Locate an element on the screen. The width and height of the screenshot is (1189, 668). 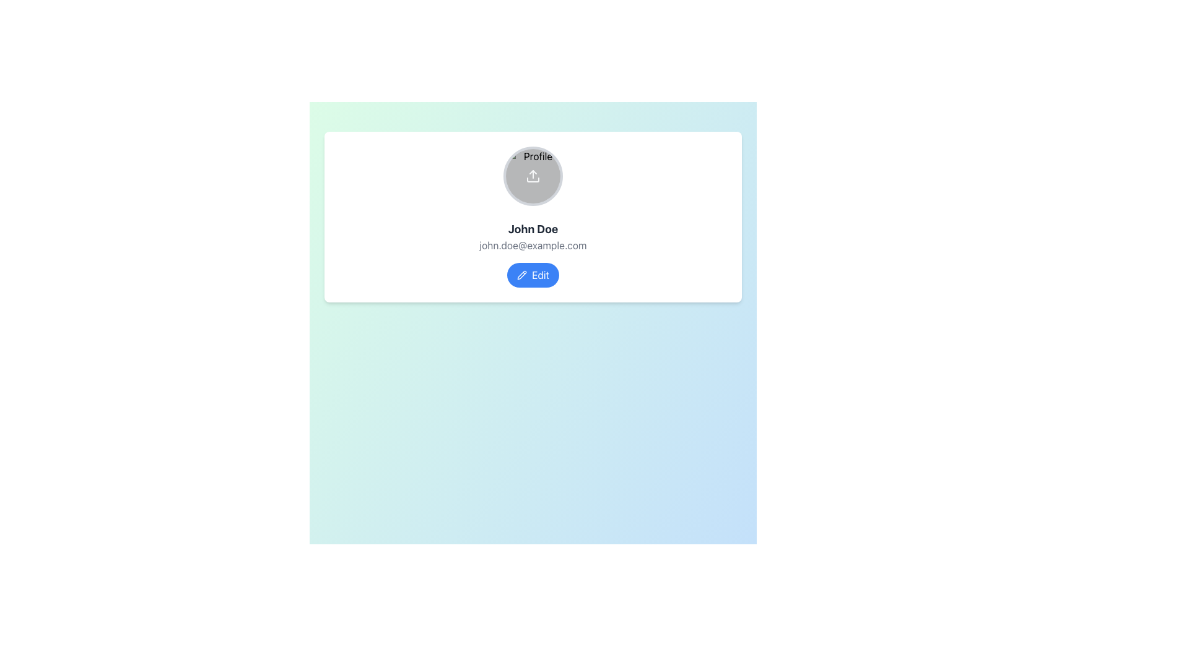
the profile image placeholder to upload a photo, which is located centrally above the name 'John Doe' and email 'john.doe@example.com' is located at coordinates (533, 176).